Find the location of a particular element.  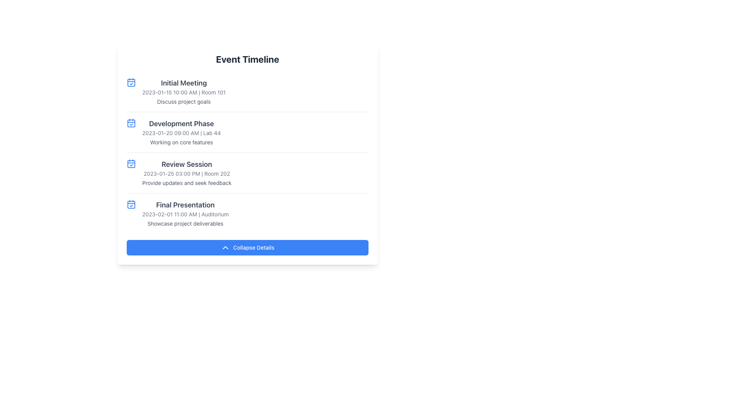

the 'Final Presentation' text label, which is styled in bold and larger font size, dark gray color, and positioned as the title of the fourth event entry in the vertical timeline layout is located at coordinates (185, 204).